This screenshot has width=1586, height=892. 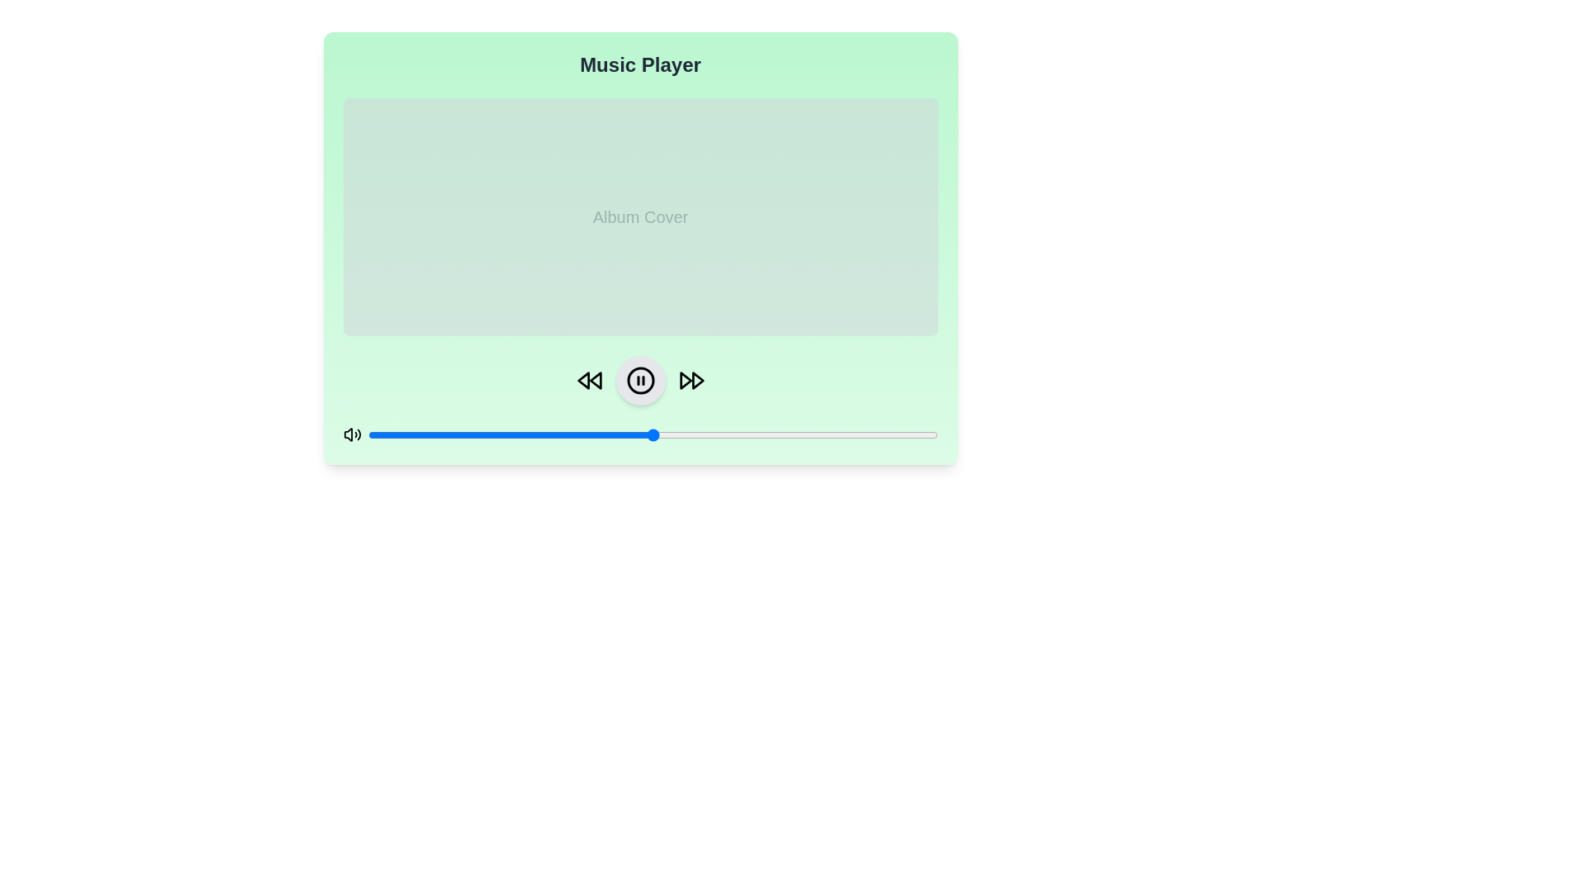 What do you see at coordinates (639, 381) in the screenshot?
I see `the circular button with a gray background and a paused circle icon located in the music control area below the Album Cover display to trigger visual feedback` at bounding box center [639, 381].